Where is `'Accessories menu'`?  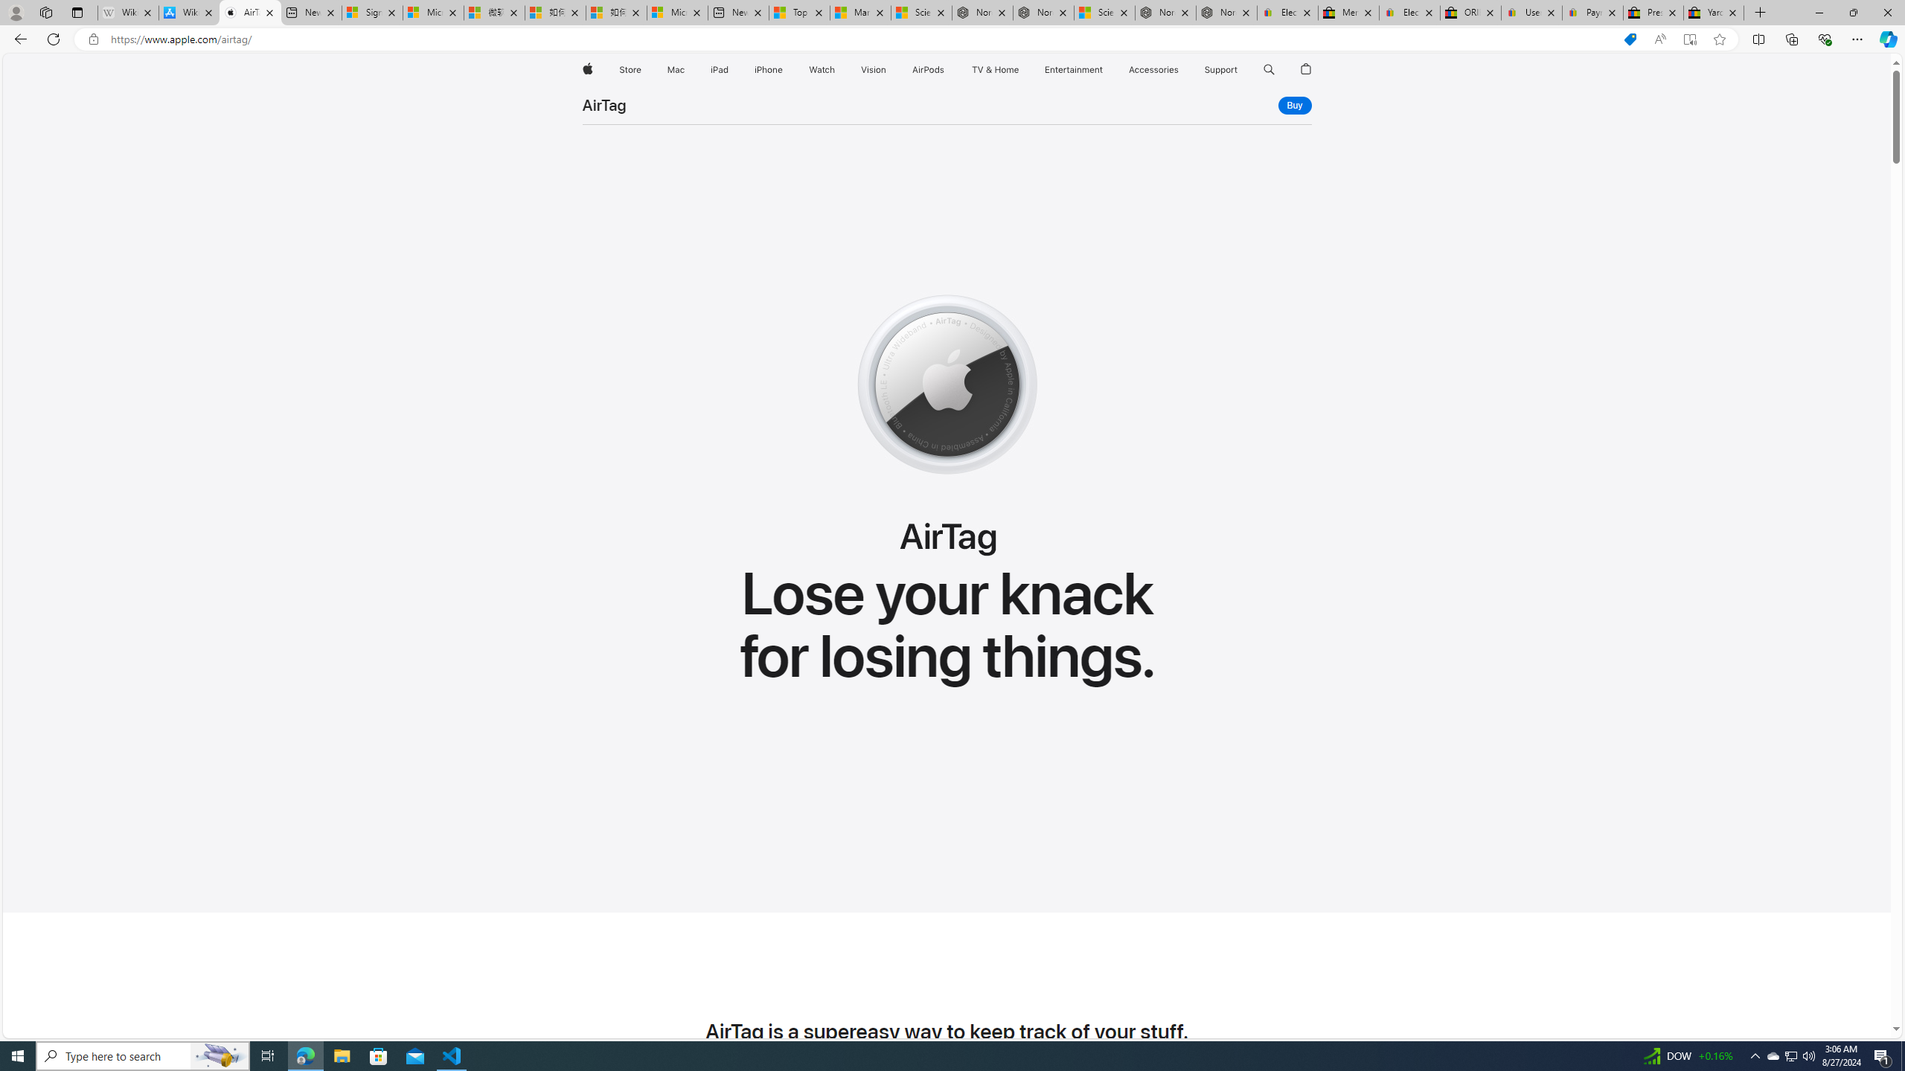
'Accessories menu' is located at coordinates (1181, 69).